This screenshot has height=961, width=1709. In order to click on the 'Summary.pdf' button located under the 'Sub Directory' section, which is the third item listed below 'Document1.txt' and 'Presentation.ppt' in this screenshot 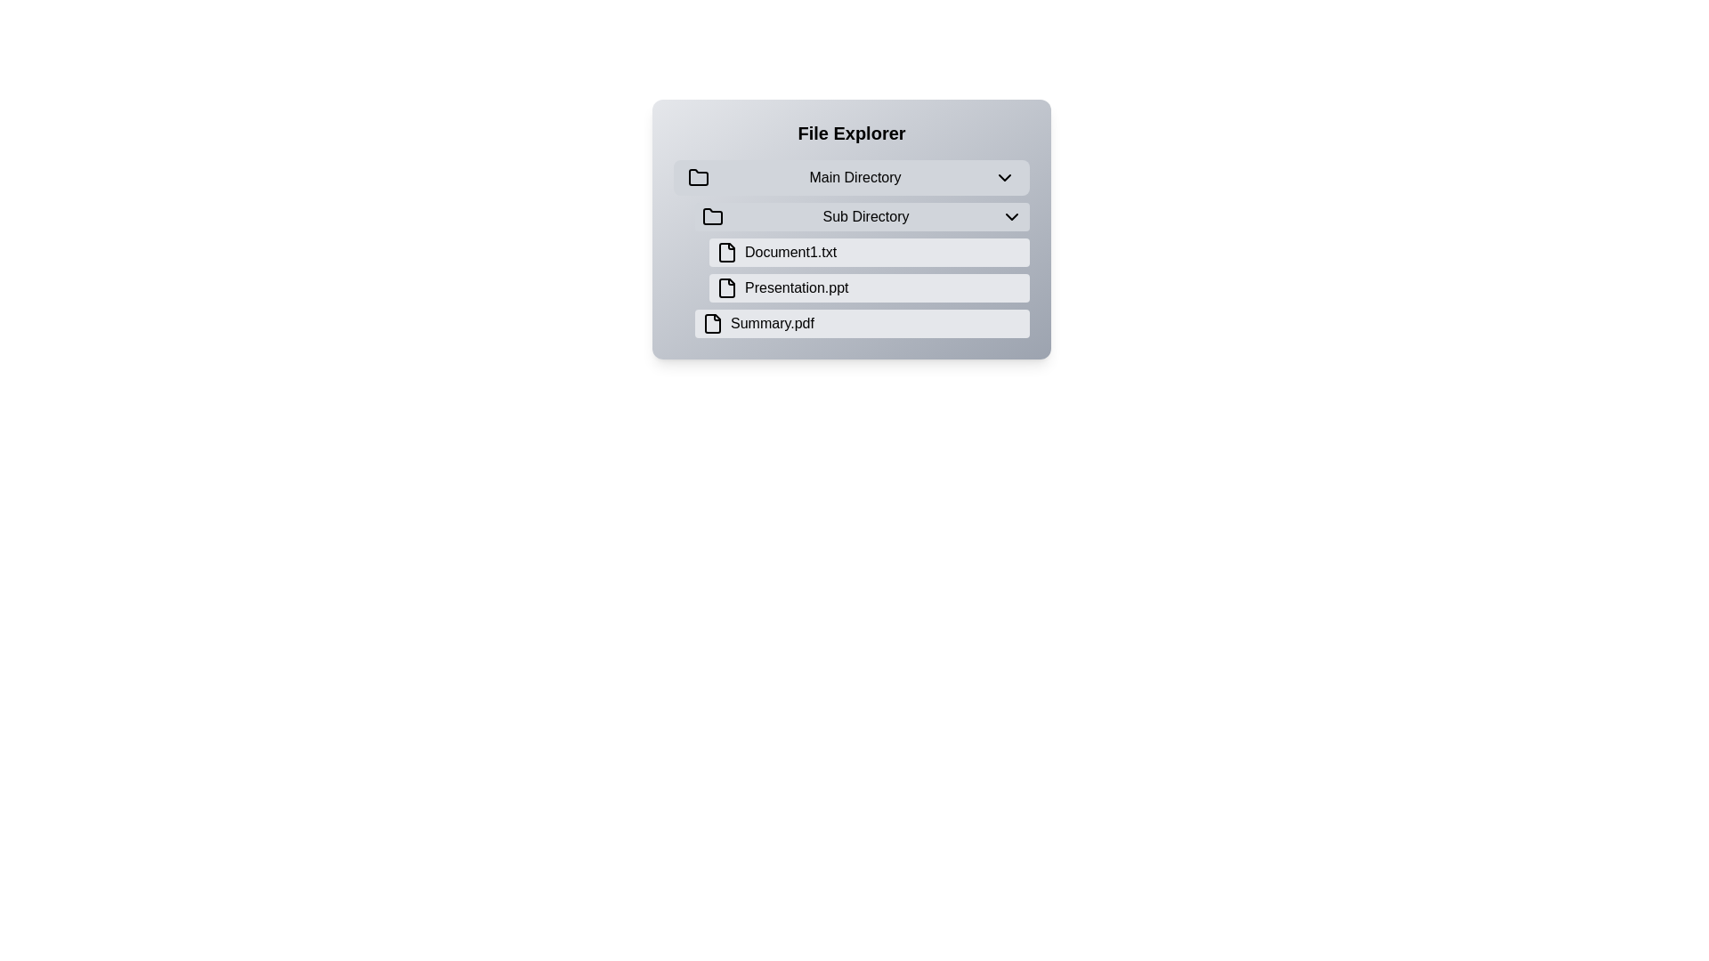, I will do `click(863, 323)`.